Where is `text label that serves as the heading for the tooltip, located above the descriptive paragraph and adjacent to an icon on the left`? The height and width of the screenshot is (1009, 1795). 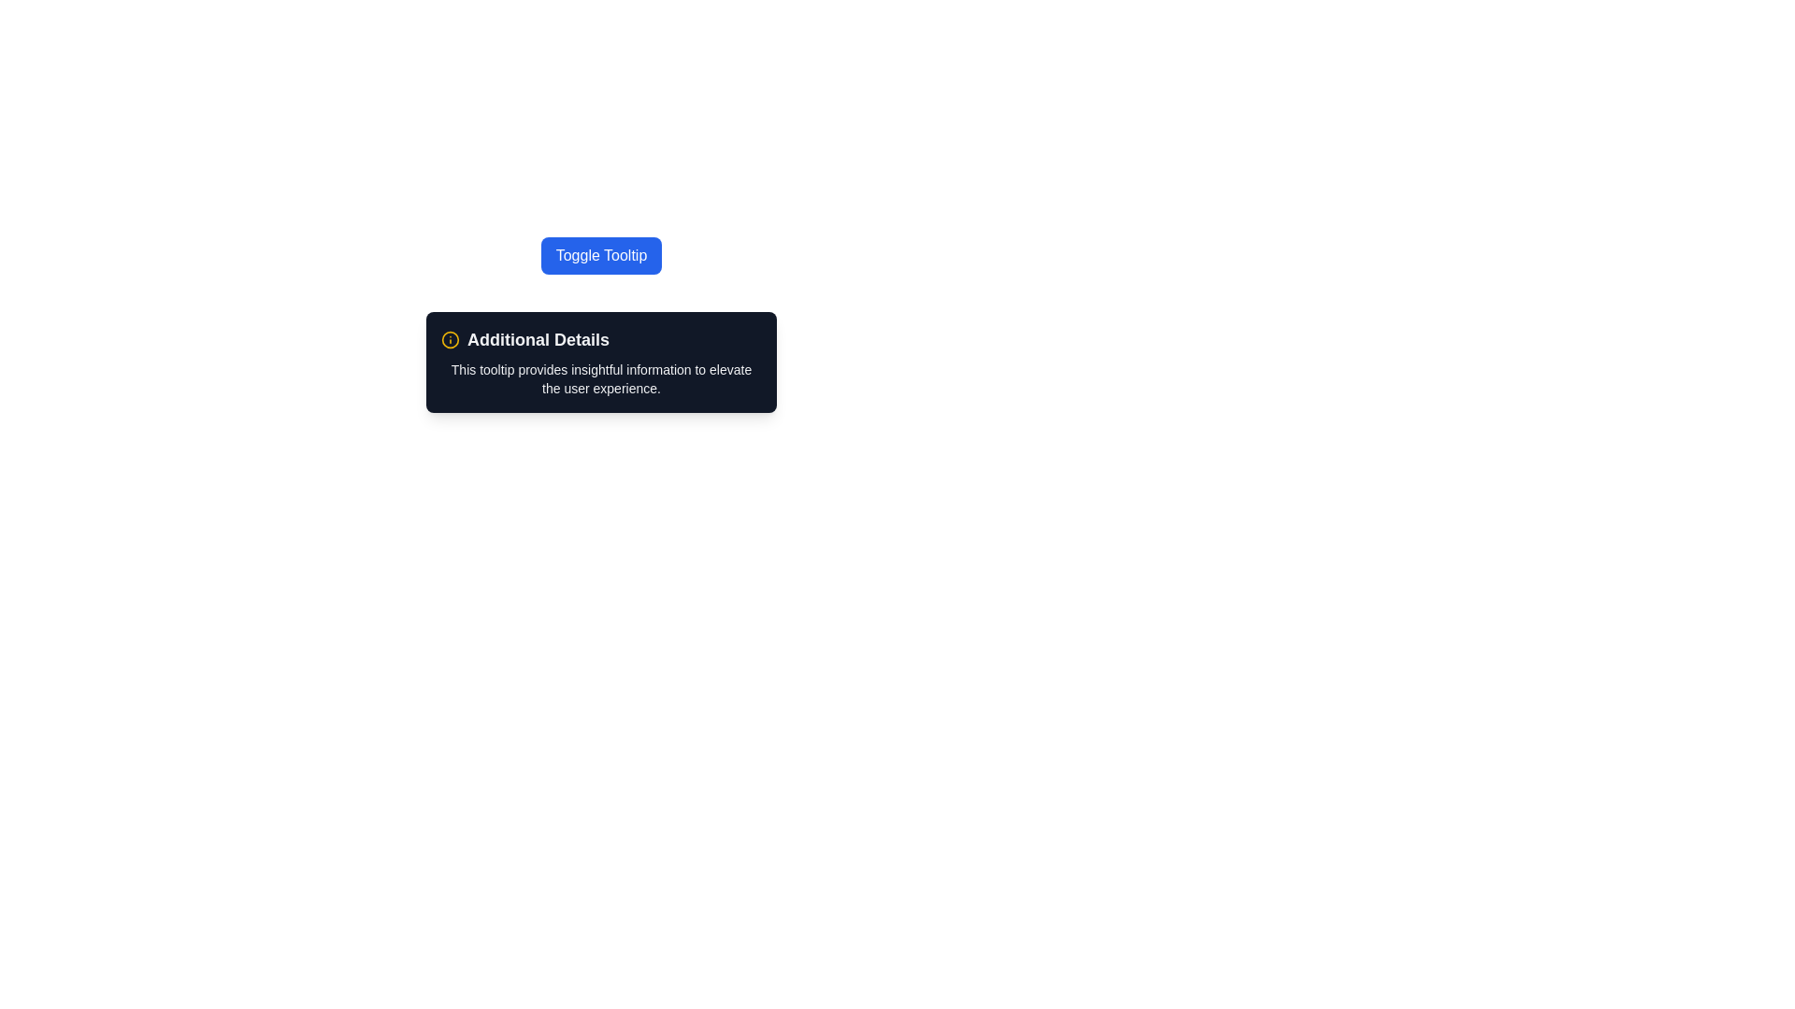 text label that serves as the heading for the tooltip, located above the descriptive paragraph and adjacent to an icon on the left is located at coordinates (601, 339).